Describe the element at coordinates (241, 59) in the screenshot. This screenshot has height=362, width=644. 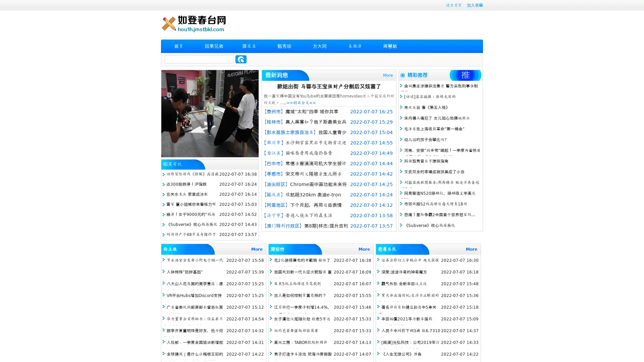
I see `Search` at that location.